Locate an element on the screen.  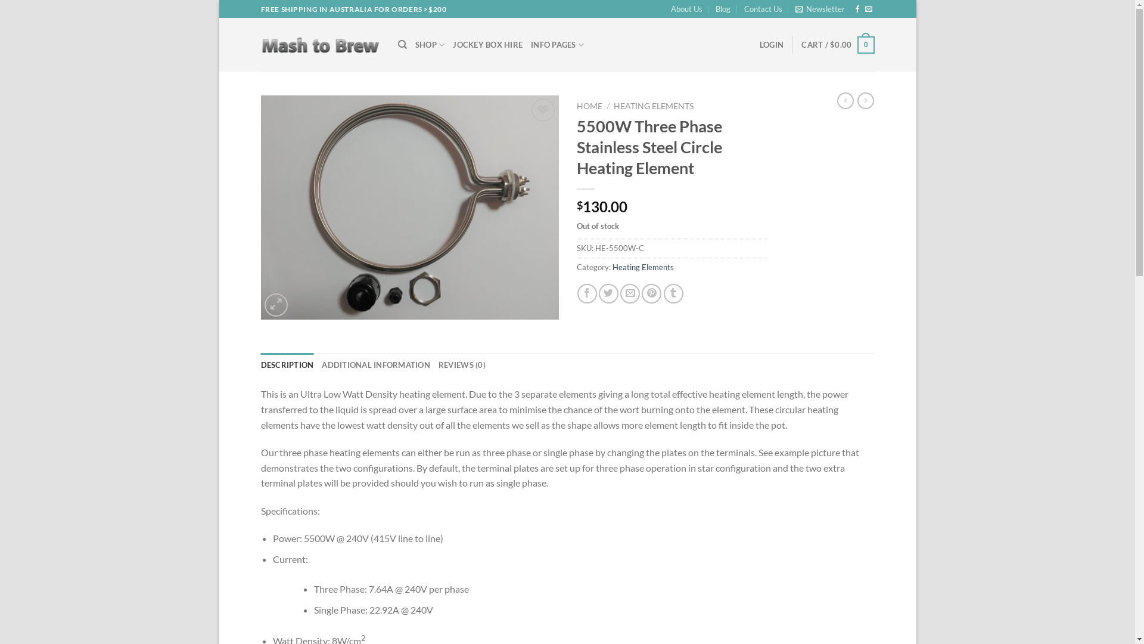
'HEATING ELEMENTS' is located at coordinates (653, 105).